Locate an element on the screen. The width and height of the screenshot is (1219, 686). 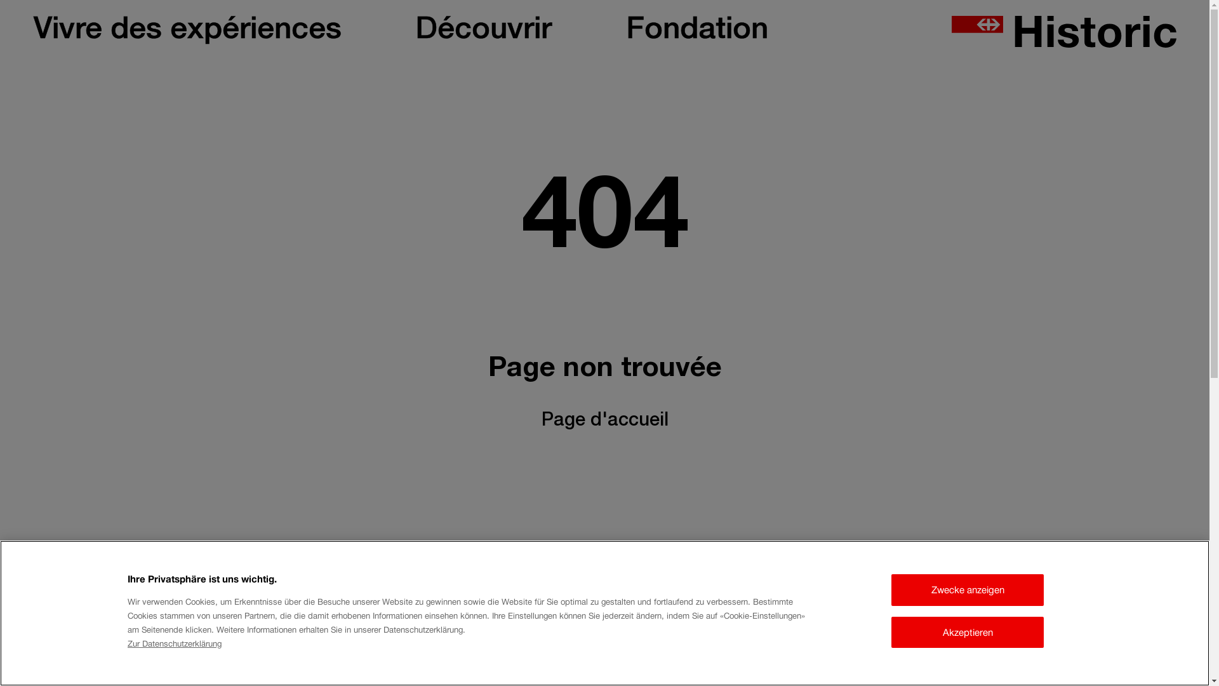
'Zwecke anzeigen' is located at coordinates (890, 590).